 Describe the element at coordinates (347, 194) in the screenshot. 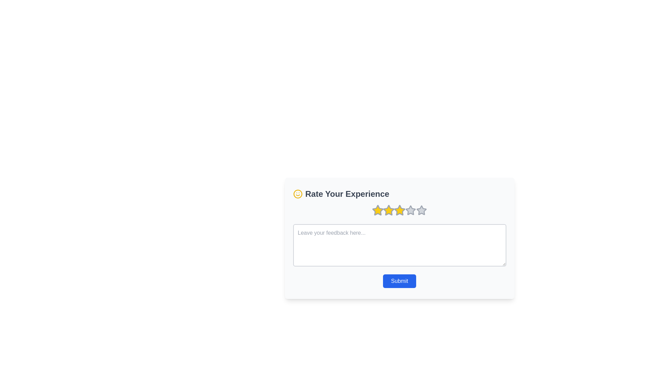

I see `the static text label reading 'Rate Your Experience' which is rendered in bold and large dark gray font, located to the right of a smile icon and above a row of star icons` at that location.